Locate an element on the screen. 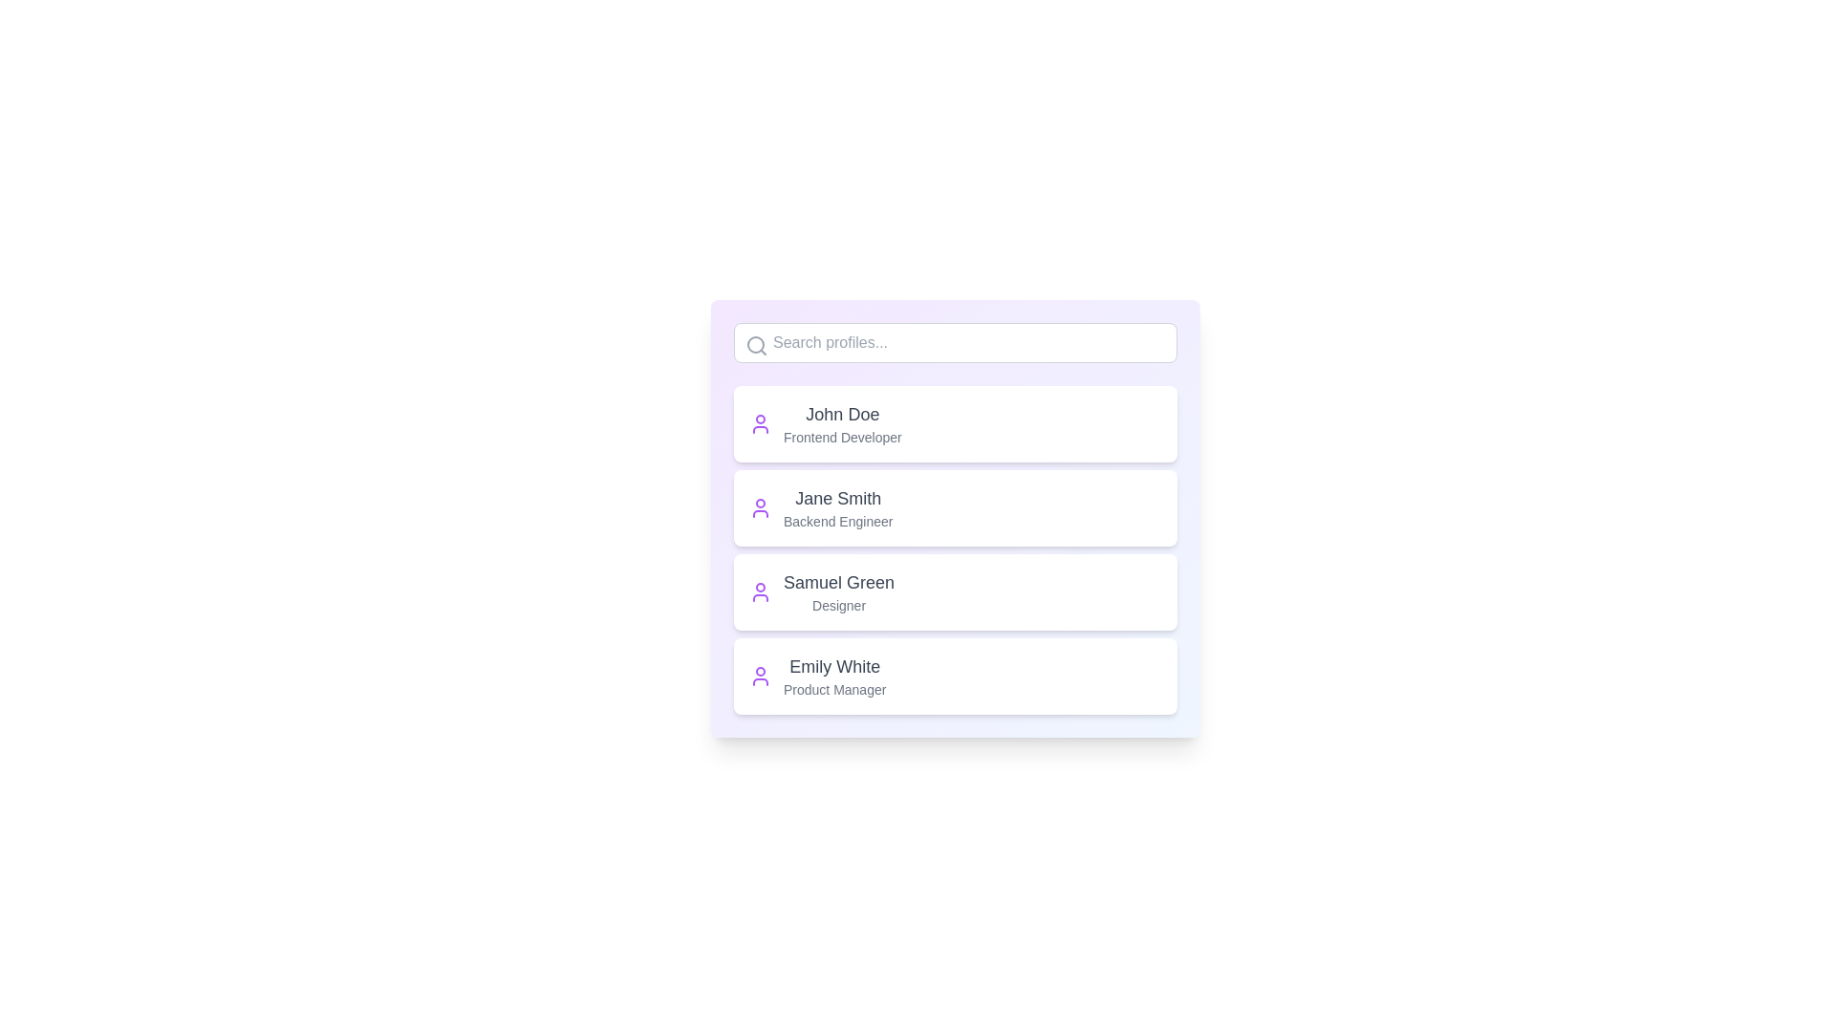 This screenshot has height=1032, width=1835. text label displaying 'Backend Engineer', which is styled in gray and located below the 'Jane Smith' text in the second profile card from the top is located at coordinates (838, 522).